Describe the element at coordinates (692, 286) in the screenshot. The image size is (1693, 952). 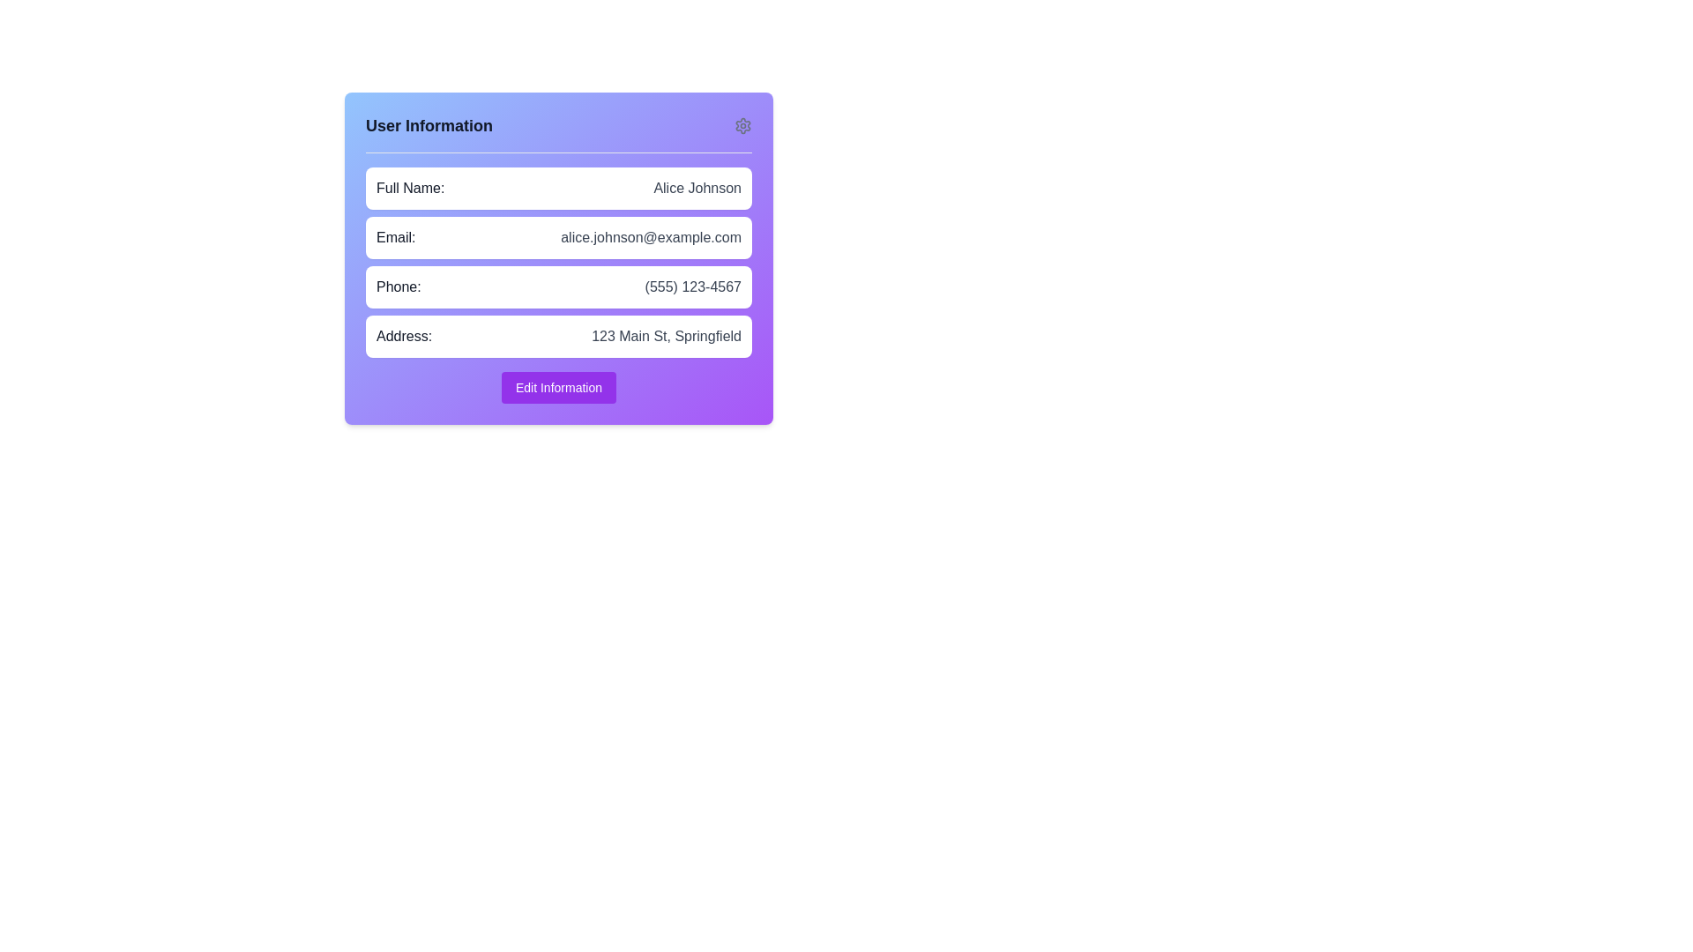
I see `the static text displaying the user-provided phone number, which is located in the center-right region of the 'Phone:' row` at that location.